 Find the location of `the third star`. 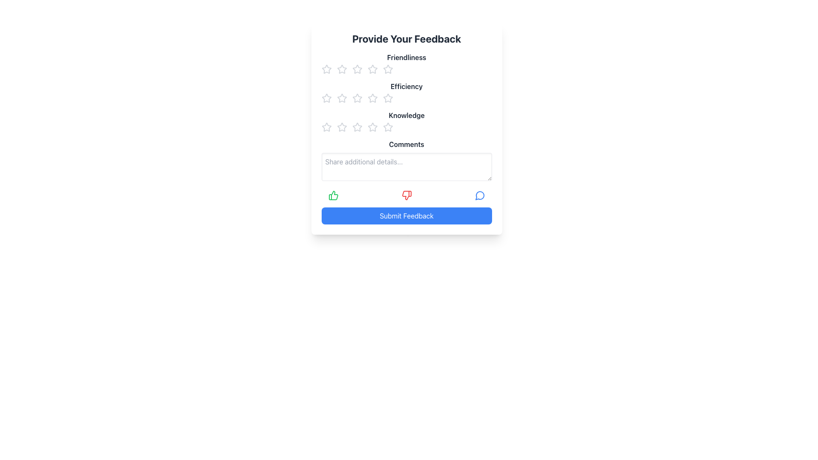

the third star is located at coordinates (372, 98).